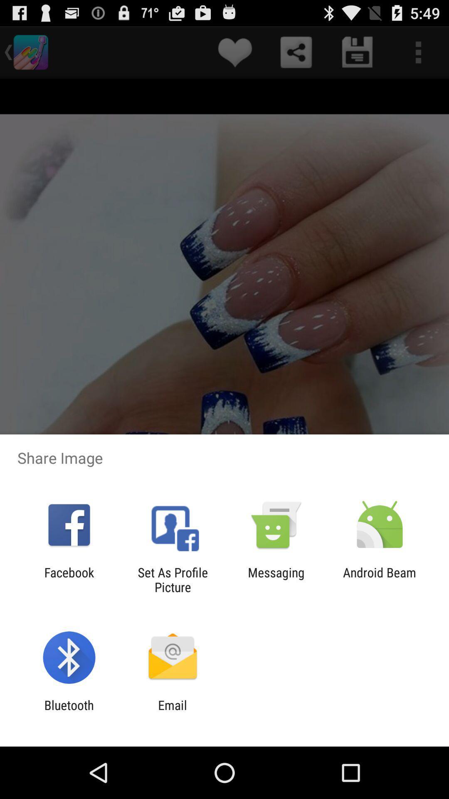 The width and height of the screenshot is (449, 799). Describe the element at coordinates (69, 579) in the screenshot. I see `the facebook icon` at that location.